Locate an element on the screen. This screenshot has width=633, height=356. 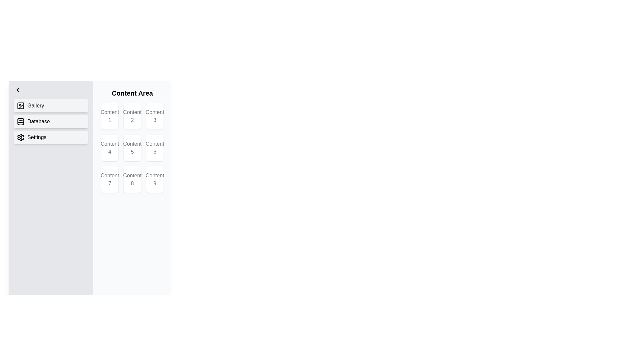
text label 'Settings' within the light gray button that features a gear icon on the left side, located in the vertical navigation sidebar is located at coordinates (36, 137).